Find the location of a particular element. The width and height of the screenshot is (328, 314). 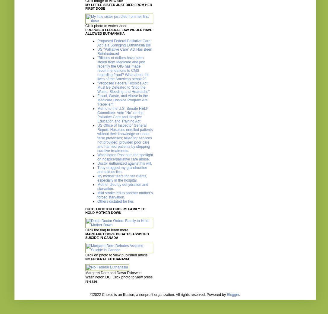

'No Federal Euthanasia' is located at coordinates (107, 259).